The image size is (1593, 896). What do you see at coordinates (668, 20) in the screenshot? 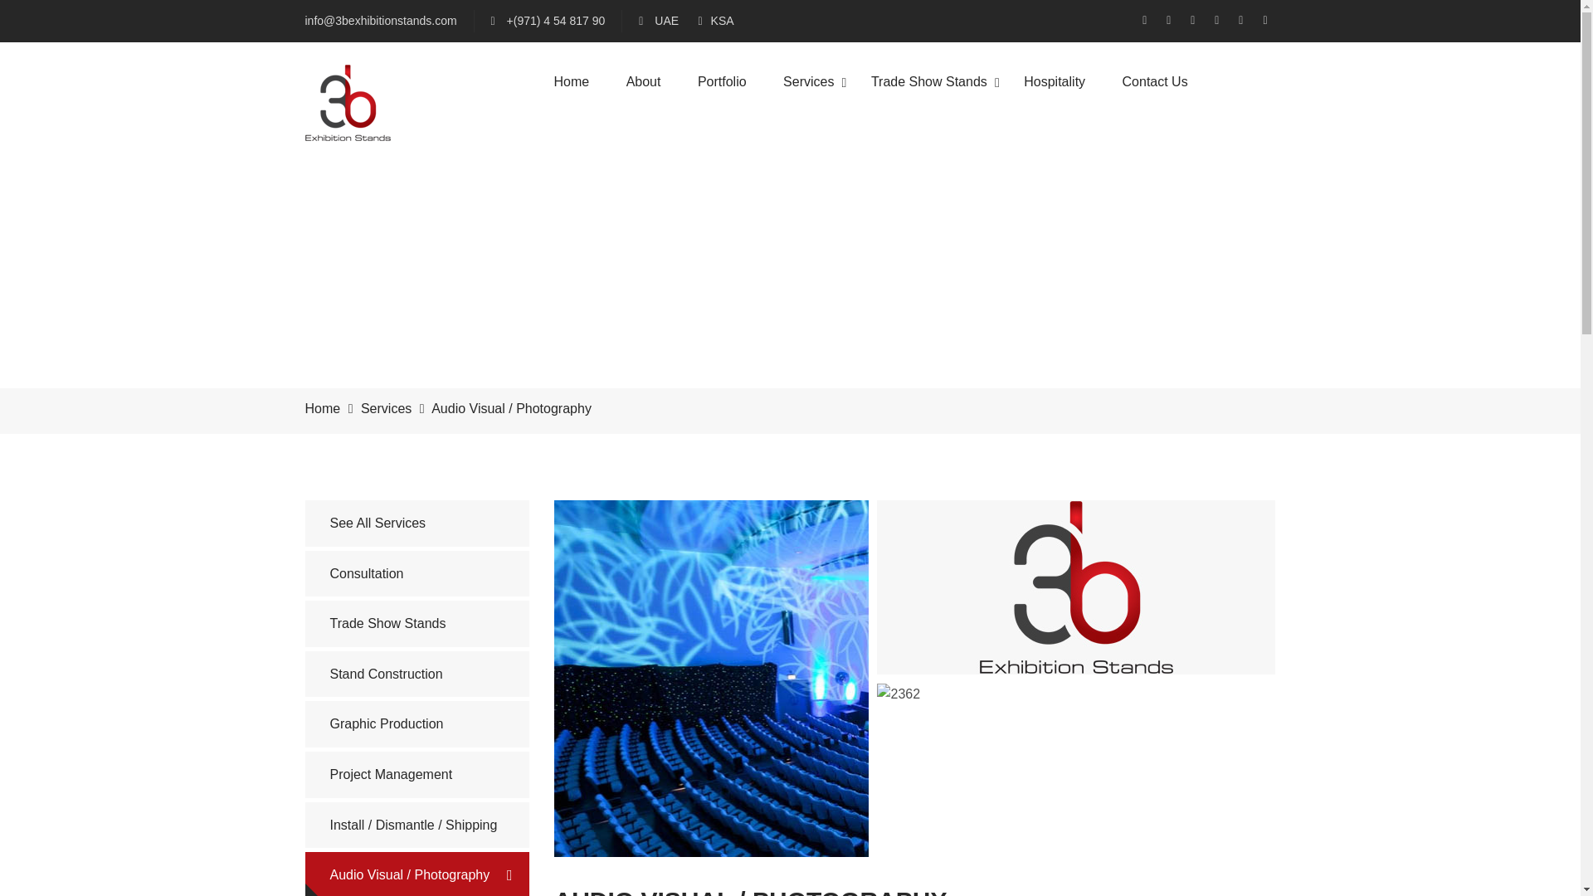
I see `'UAE'` at bounding box center [668, 20].